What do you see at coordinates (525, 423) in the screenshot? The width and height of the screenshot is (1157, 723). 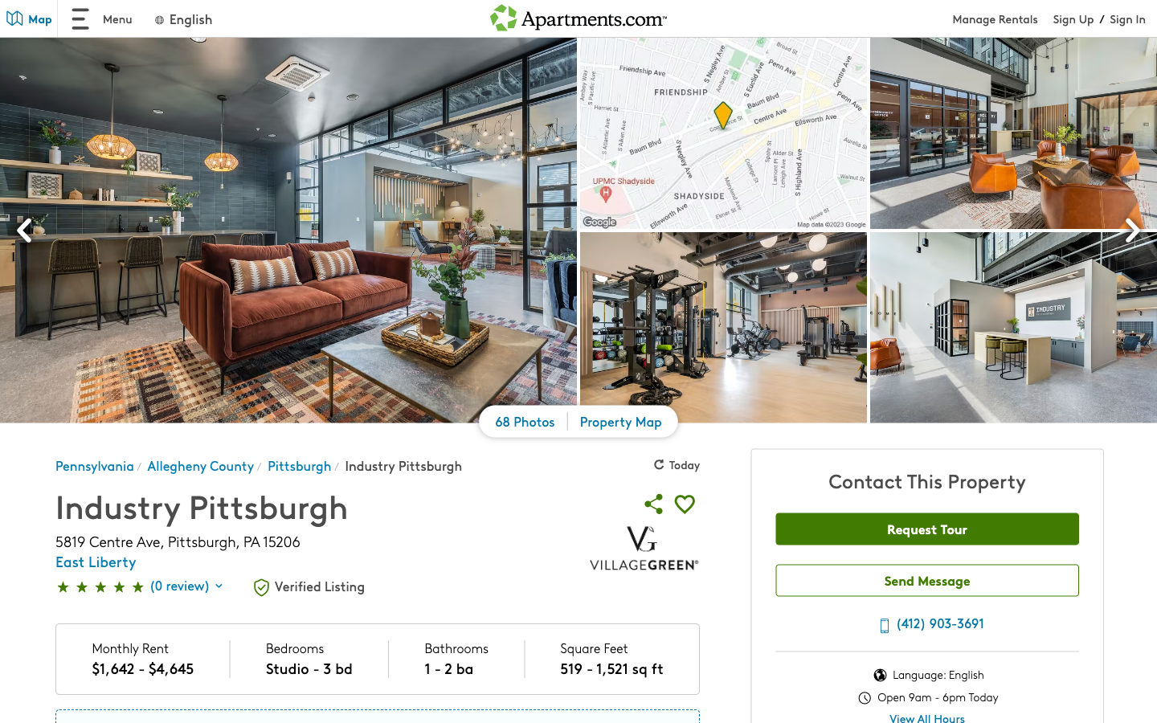 I see `Go to the photo tab and view all available images` at bounding box center [525, 423].